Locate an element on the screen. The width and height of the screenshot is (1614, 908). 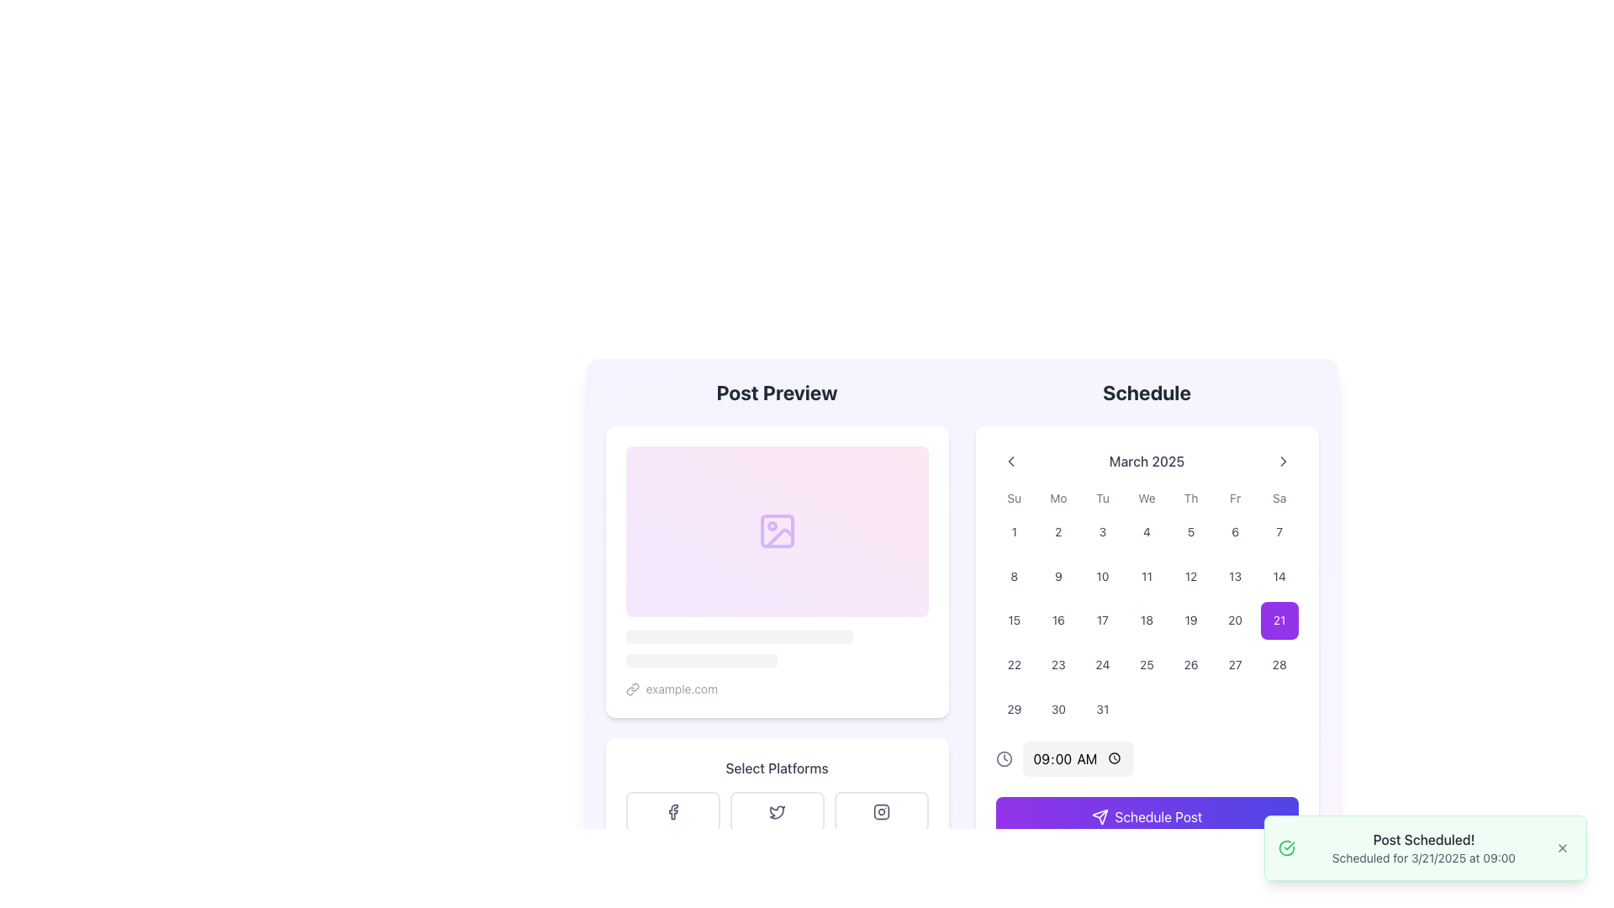
to select multiple dates within the interactive calendar located in the 'Schedule' section, beneath the header displaying 'March 2025' is located at coordinates (1146, 609).